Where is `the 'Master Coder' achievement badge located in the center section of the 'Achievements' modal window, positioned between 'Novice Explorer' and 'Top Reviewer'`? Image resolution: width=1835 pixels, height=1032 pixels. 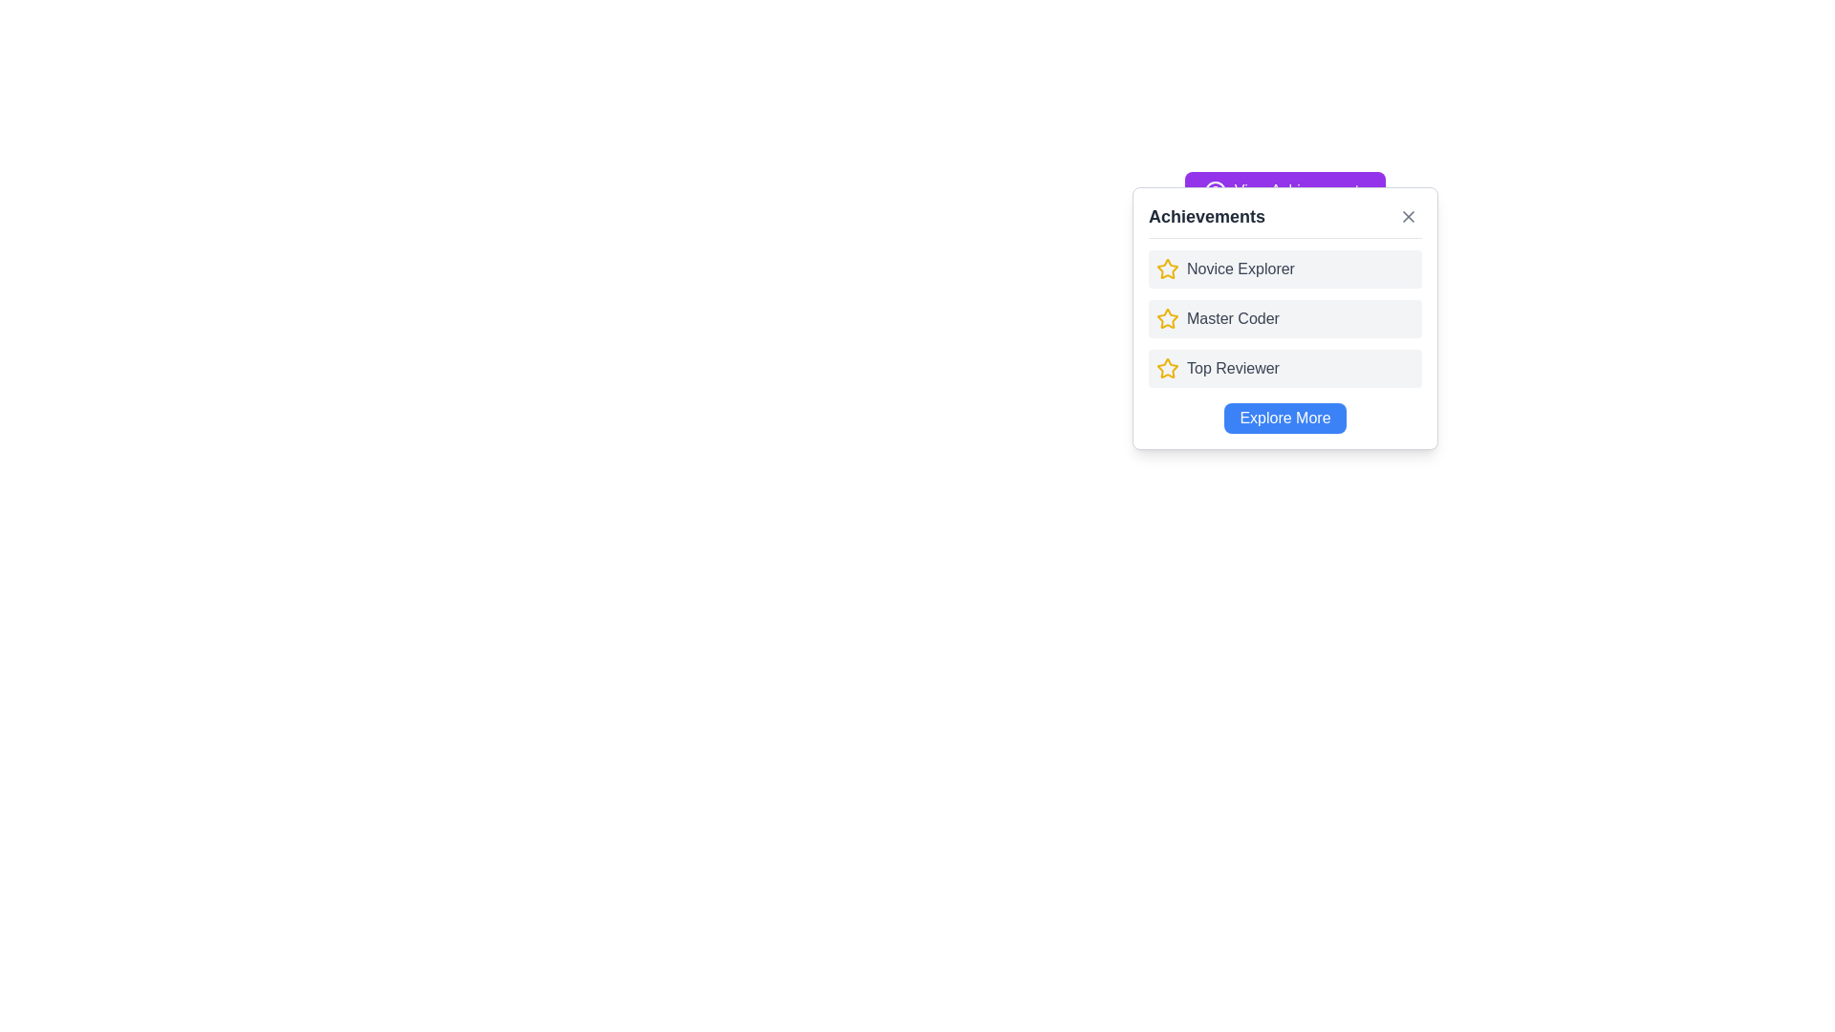
the 'Master Coder' achievement badge located in the center section of the 'Achievements' modal window, positioned between 'Novice Explorer' and 'Top Reviewer' is located at coordinates (1284, 318).